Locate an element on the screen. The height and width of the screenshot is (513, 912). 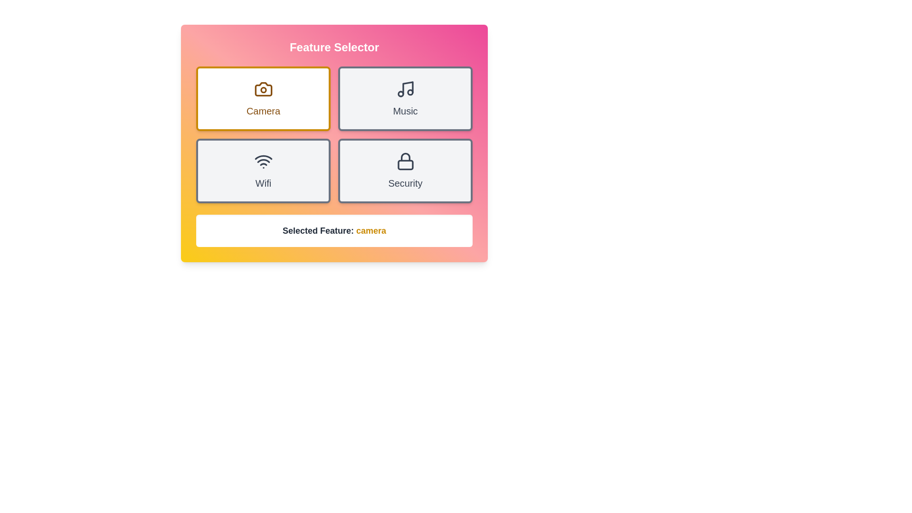
the lock icon displayed above the 'Security' button, which features a modern, minimalistic design with a dark gray color and thin stroke style is located at coordinates (405, 161).